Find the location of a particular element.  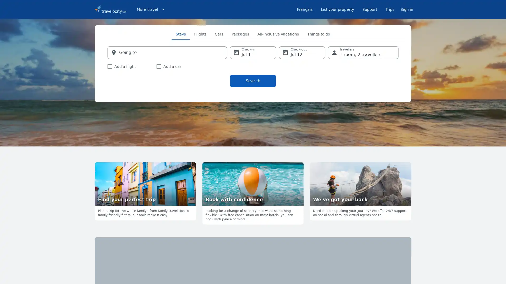

Sign in is located at coordinates (407, 9).